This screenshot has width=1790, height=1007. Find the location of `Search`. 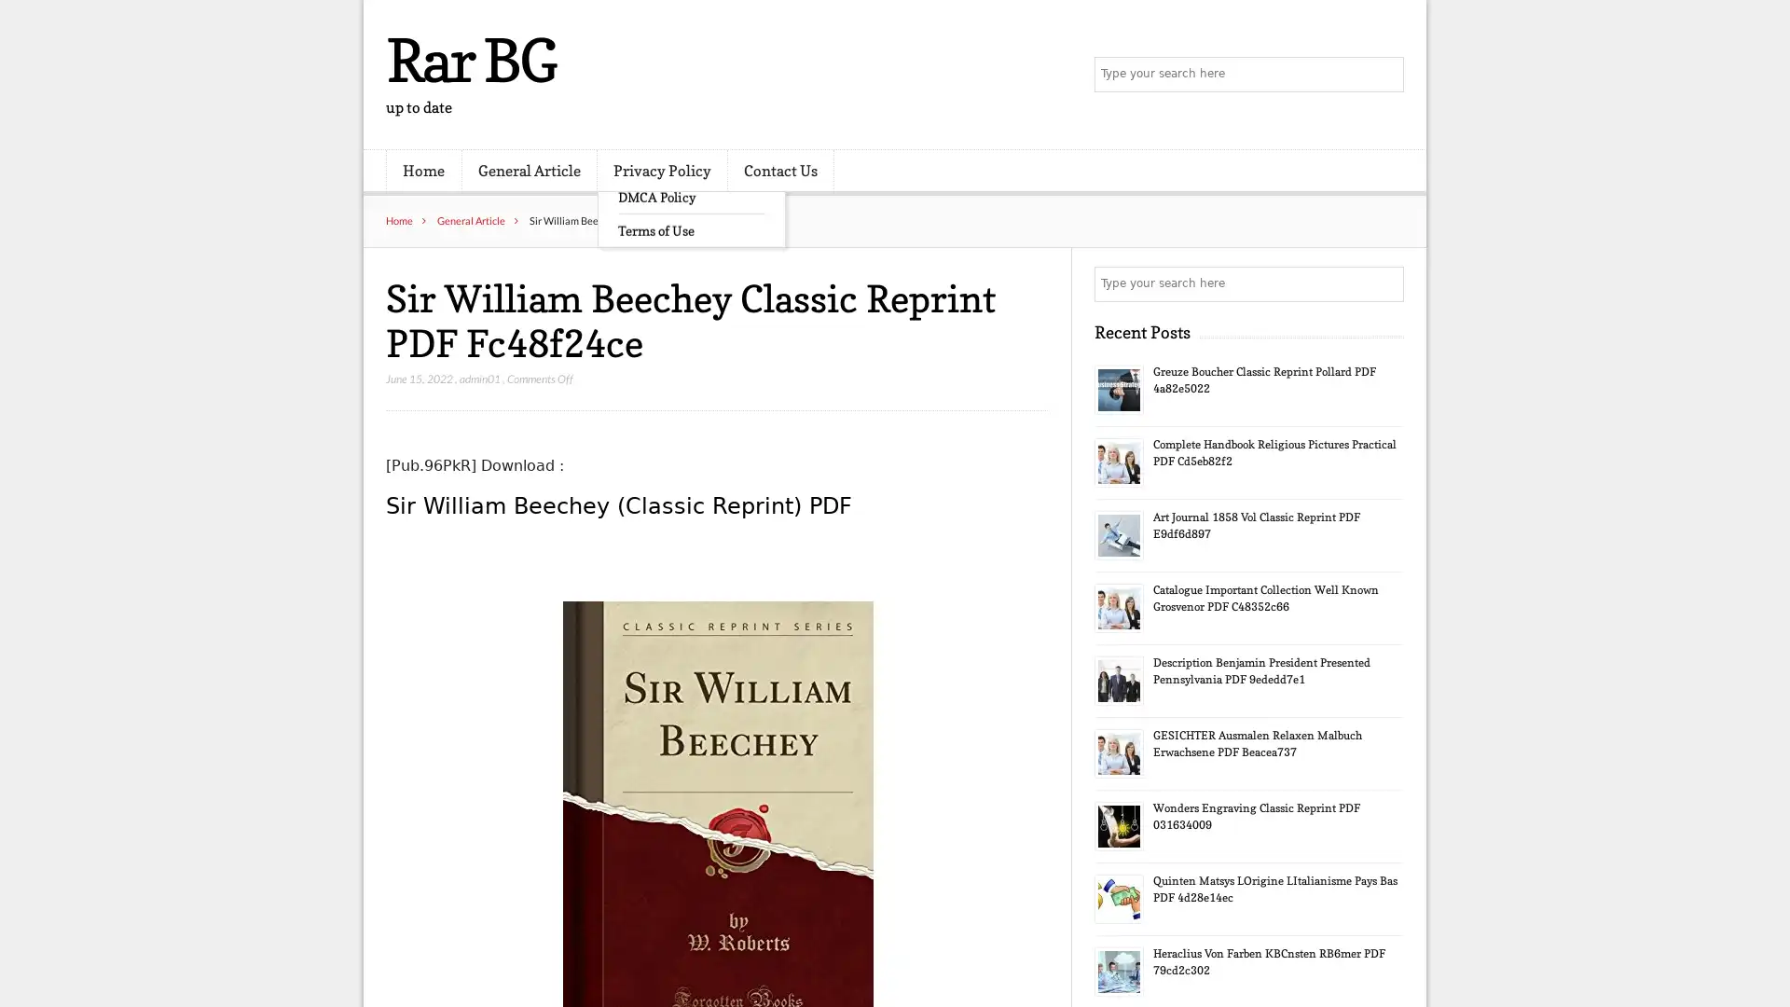

Search is located at coordinates (1384, 75).